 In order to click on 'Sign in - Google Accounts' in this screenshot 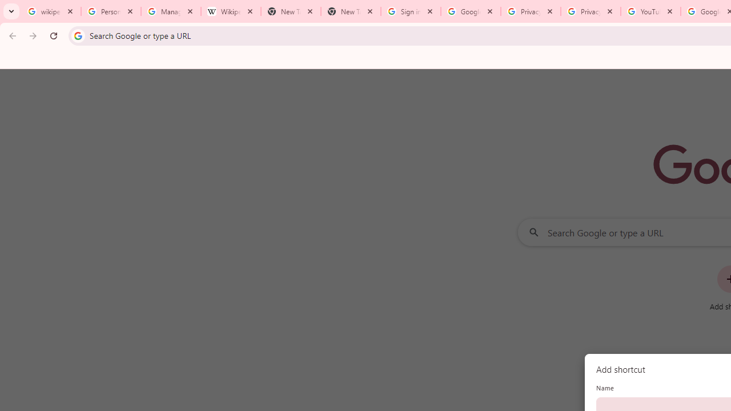, I will do `click(411, 11)`.